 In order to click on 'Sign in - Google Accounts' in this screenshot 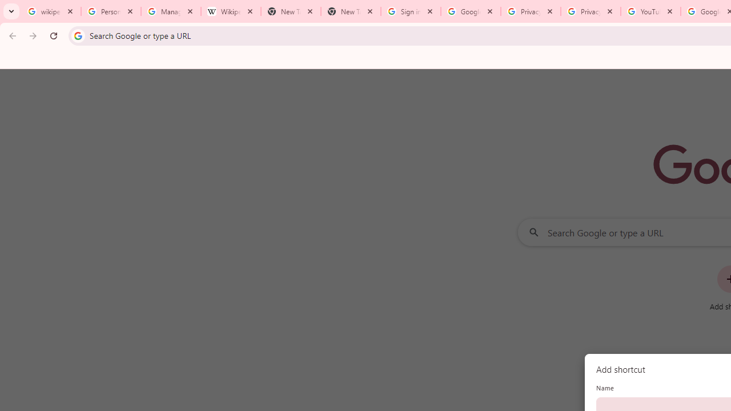, I will do `click(411, 11)`.